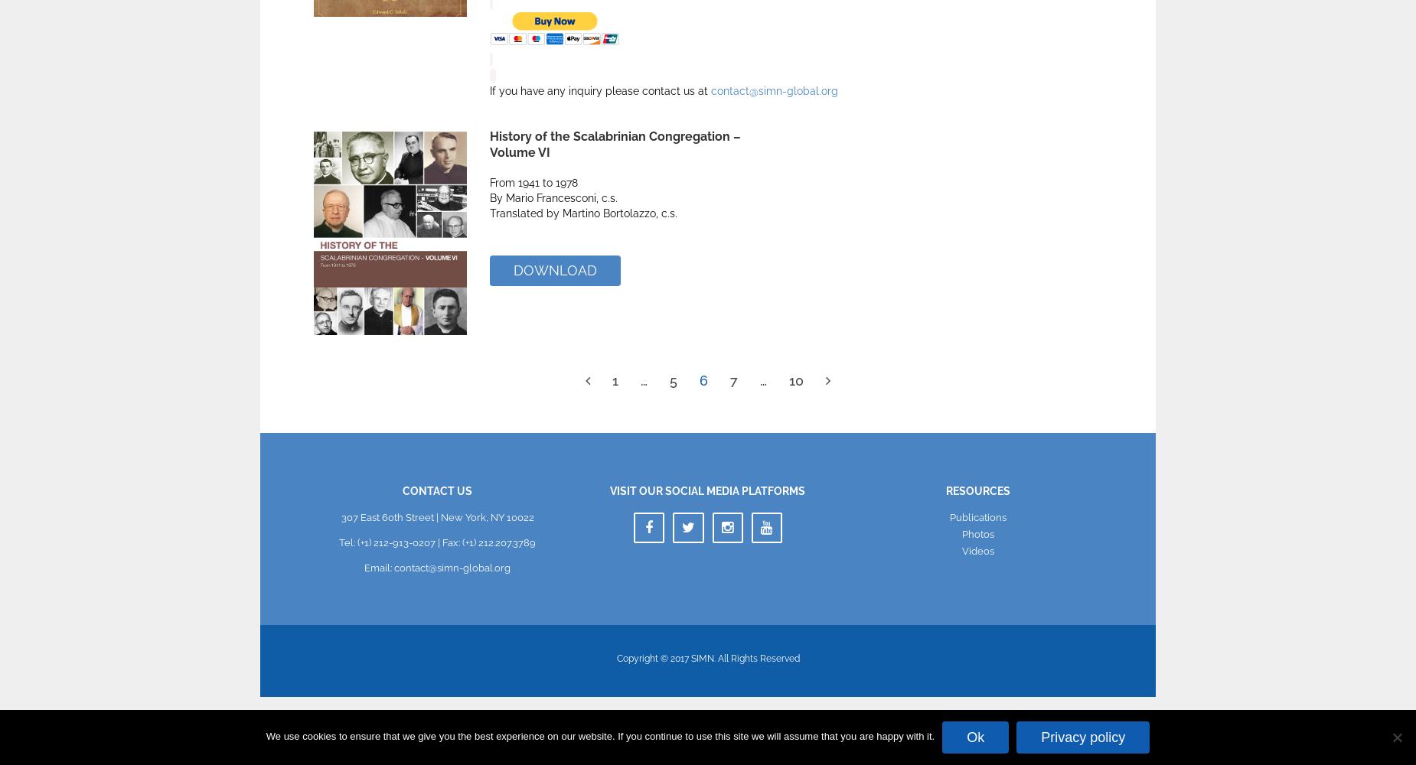  What do you see at coordinates (583, 213) in the screenshot?
I see `'
Translated by Martino Bortolazzo, c.s.'` at bounding box center [583, 213].